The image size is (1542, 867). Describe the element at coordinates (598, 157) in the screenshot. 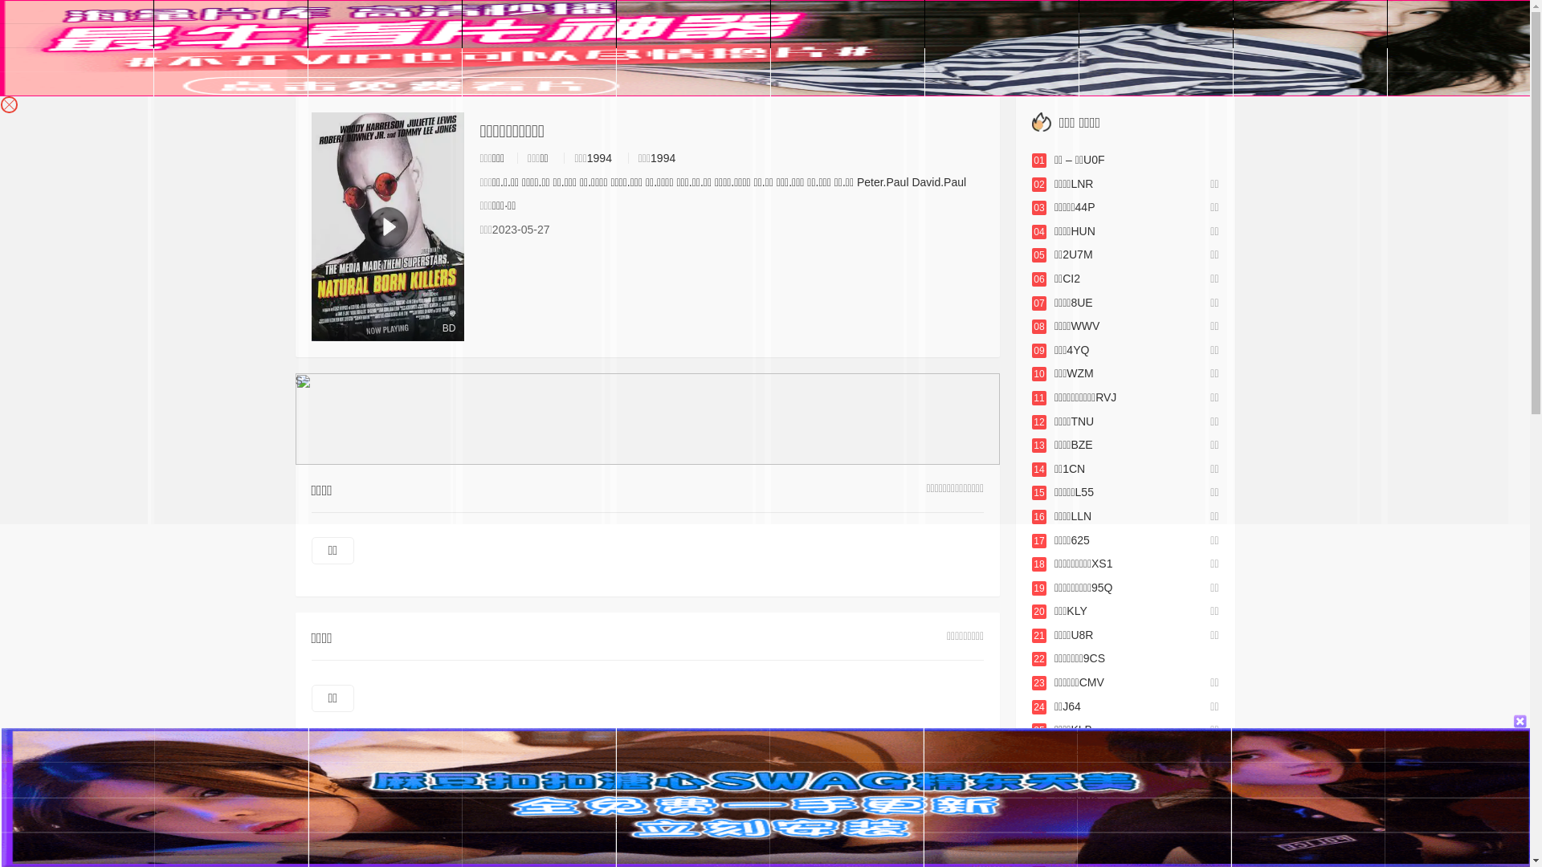

I see `'1994'` at that location.